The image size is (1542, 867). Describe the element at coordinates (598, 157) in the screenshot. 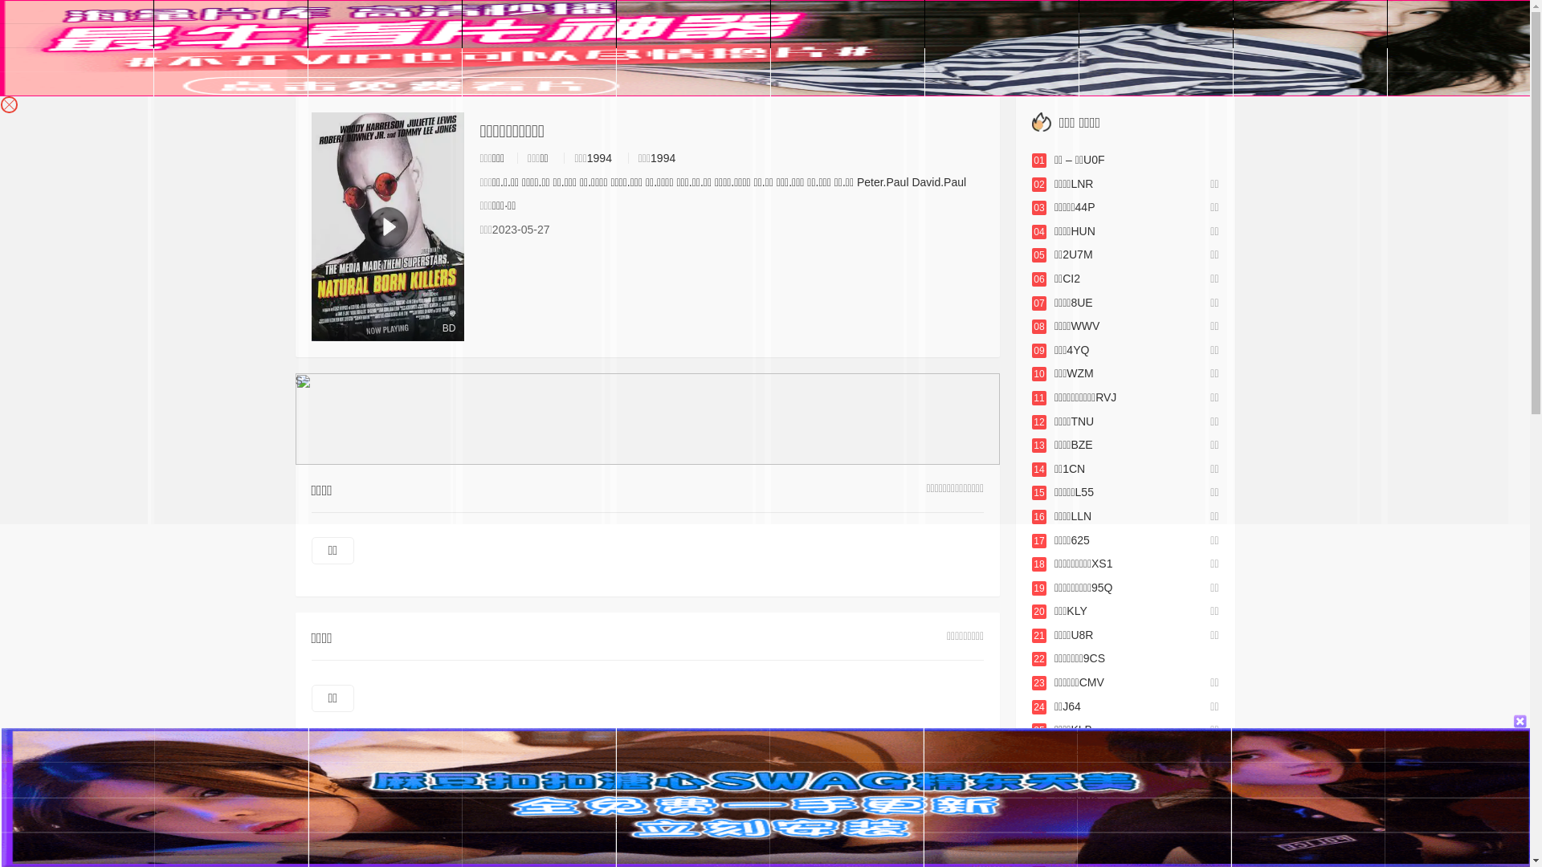

I see `'1994'` at that location.